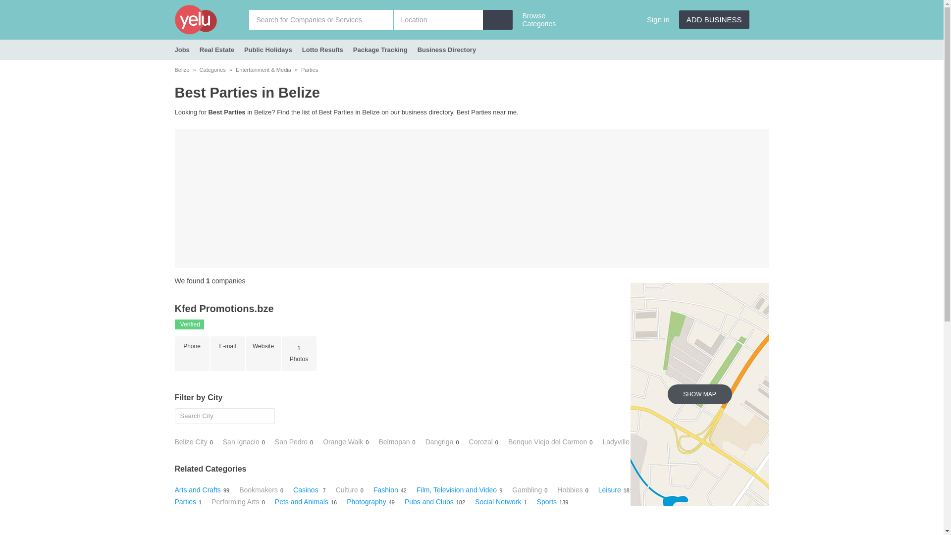  What do you see at coordinates (385, 489) in the screenshot?
I see `'Fashion'` at bounding box center [385, 489].